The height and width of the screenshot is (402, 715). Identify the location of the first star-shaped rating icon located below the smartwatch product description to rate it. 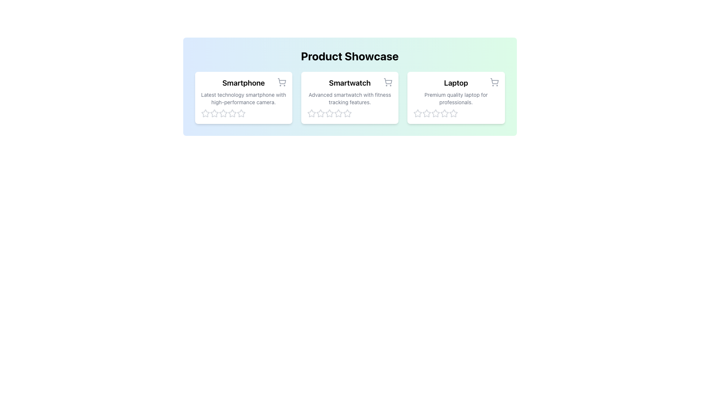
(320, 113).